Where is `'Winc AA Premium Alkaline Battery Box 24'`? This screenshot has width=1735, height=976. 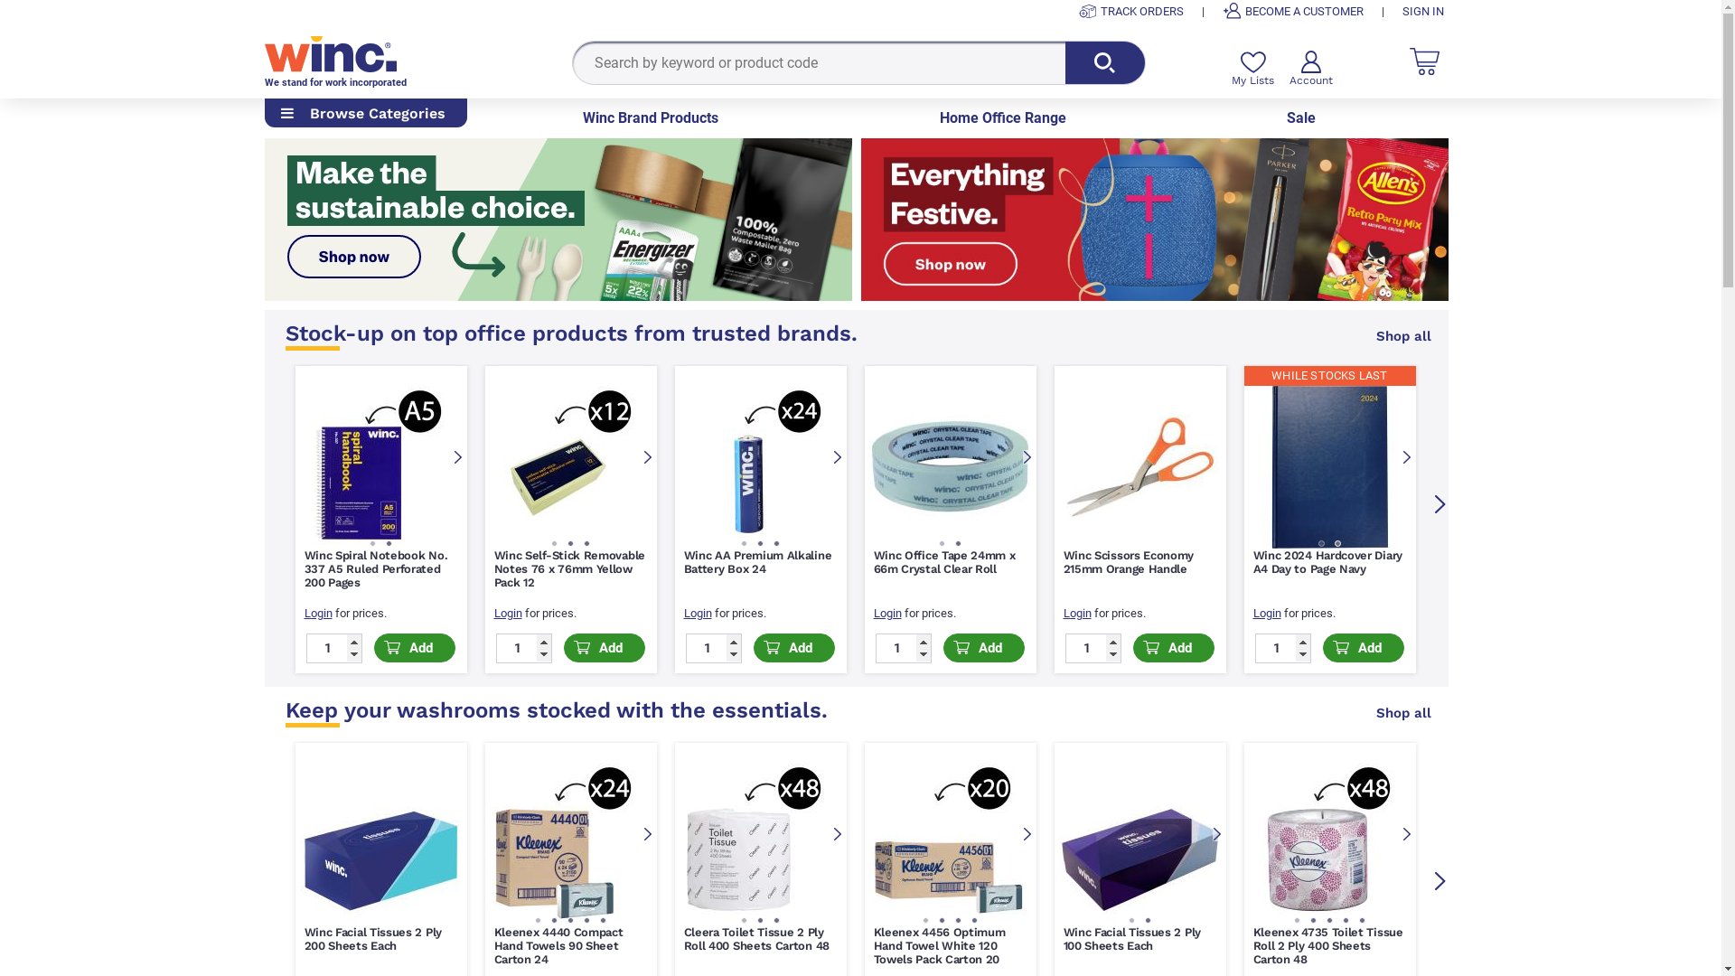 'Winc AA Premium Alkaline Battery Box 24' is located at coordinates (757, 560).